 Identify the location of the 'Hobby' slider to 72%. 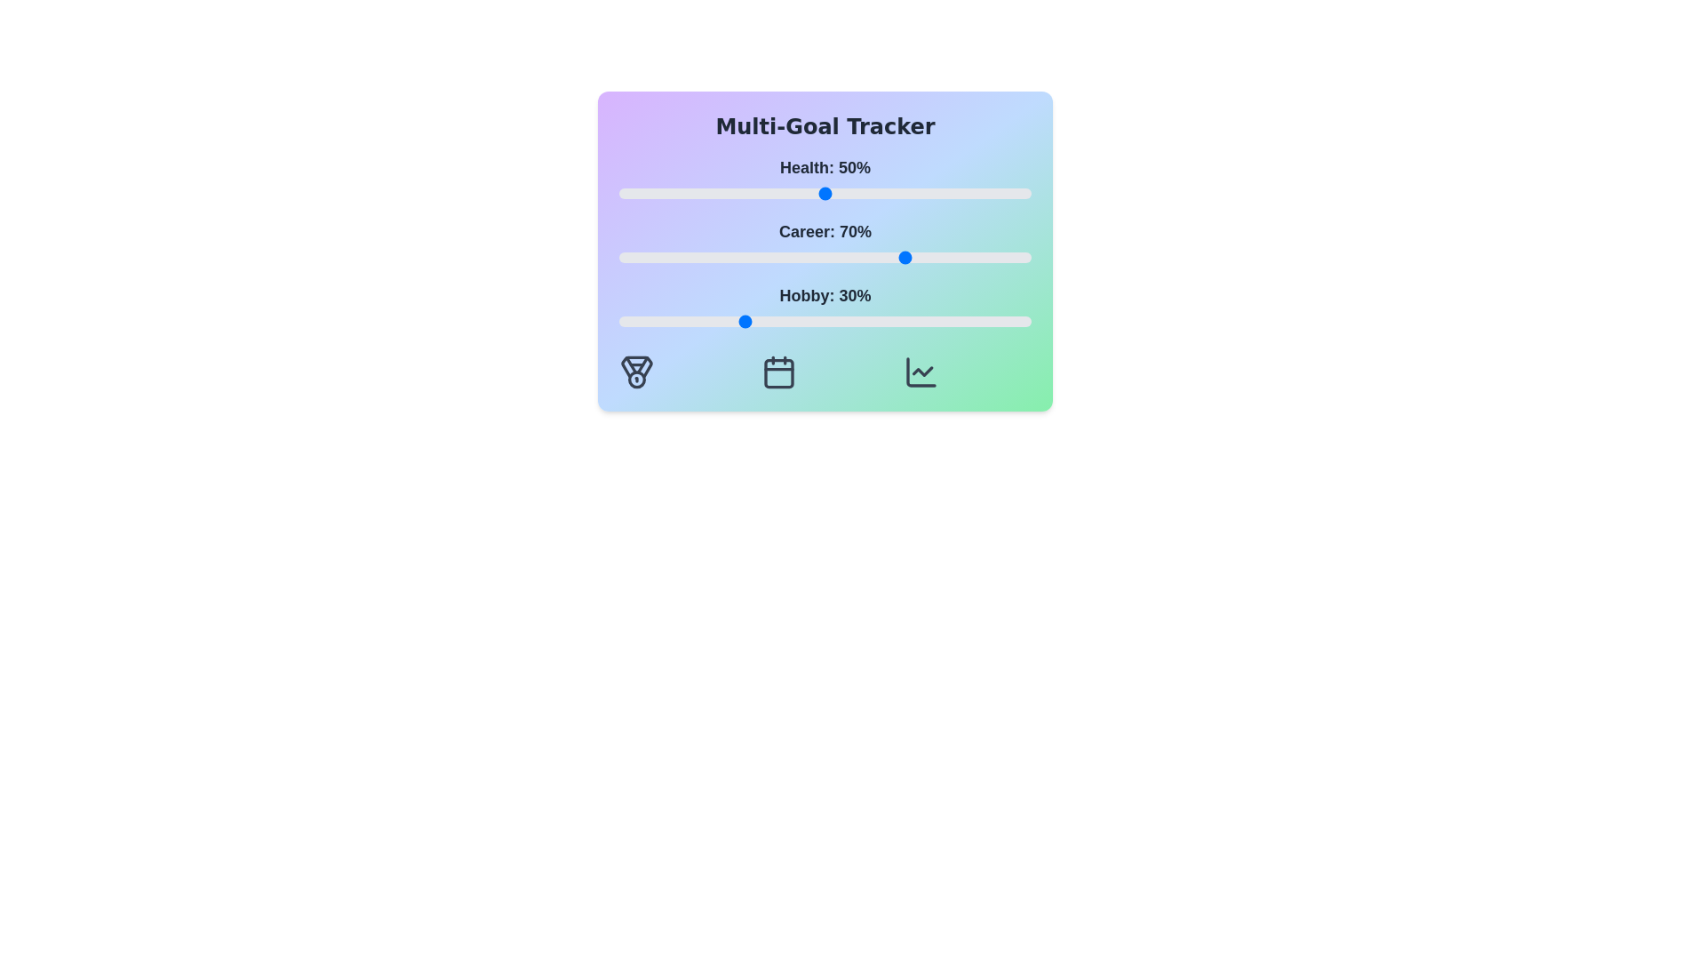
(916, 322).